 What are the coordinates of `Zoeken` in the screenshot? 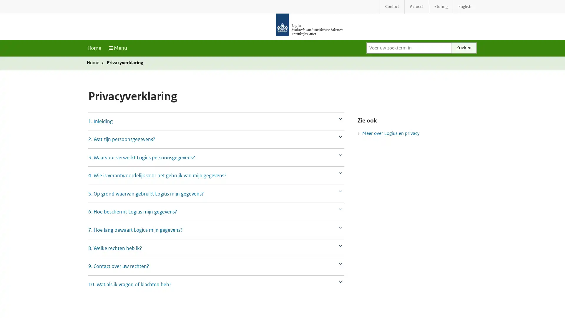 It's located at (463, 47).